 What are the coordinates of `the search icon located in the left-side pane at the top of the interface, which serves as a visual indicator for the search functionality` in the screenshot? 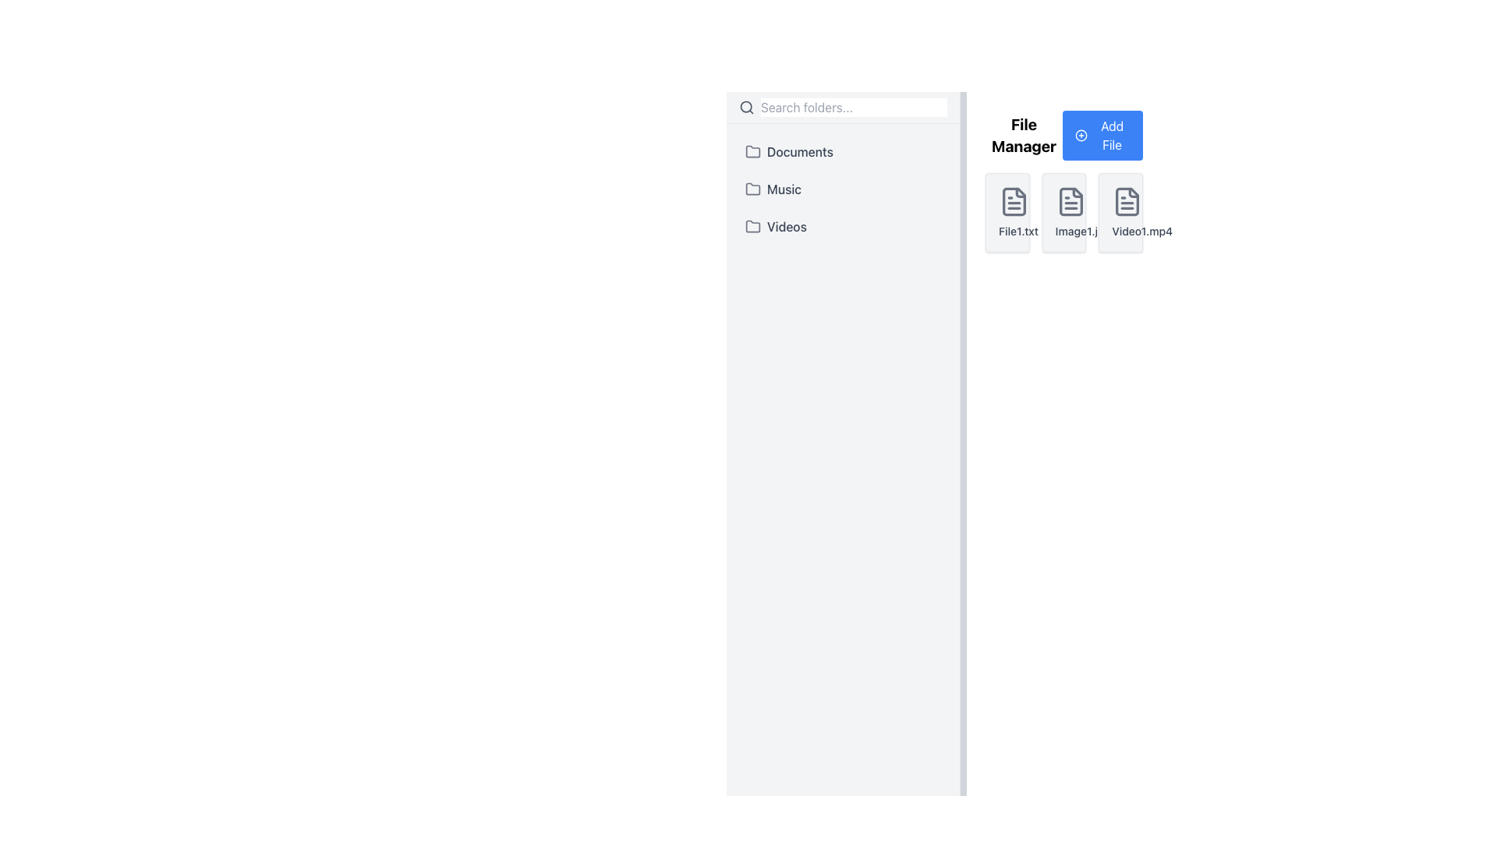 It's located at (746, 107).